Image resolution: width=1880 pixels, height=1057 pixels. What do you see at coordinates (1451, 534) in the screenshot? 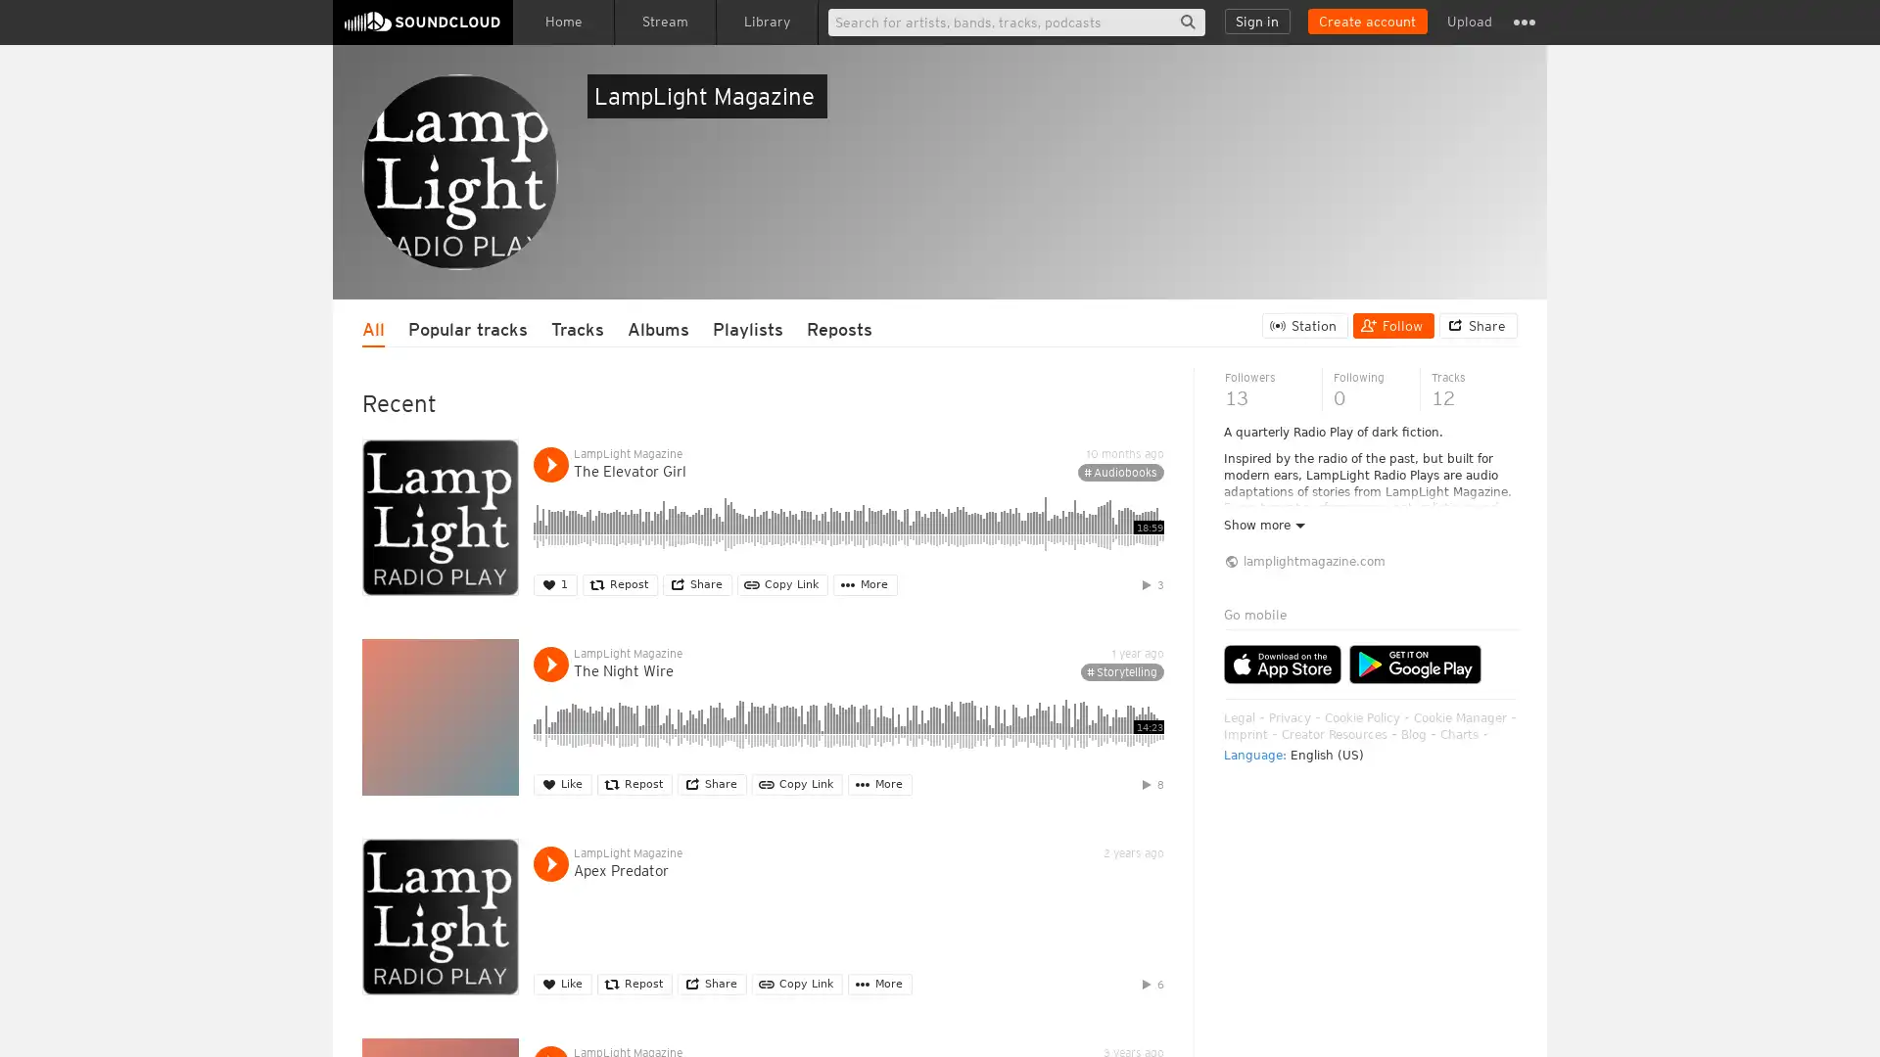
I see `Clear` at bounding box center [1451, 534].